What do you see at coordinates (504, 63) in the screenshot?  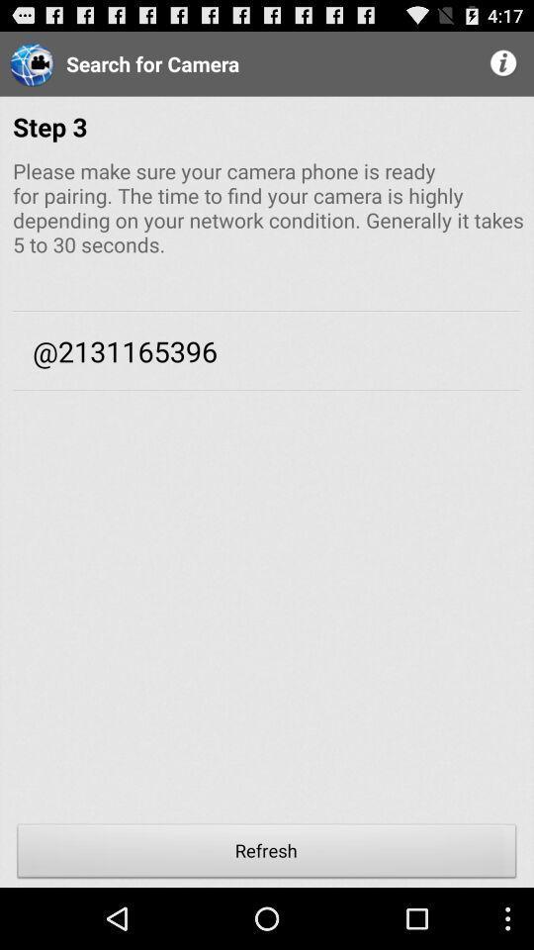 I see `the icon to the right of the search for camera app` at bounding box center [504, 63].